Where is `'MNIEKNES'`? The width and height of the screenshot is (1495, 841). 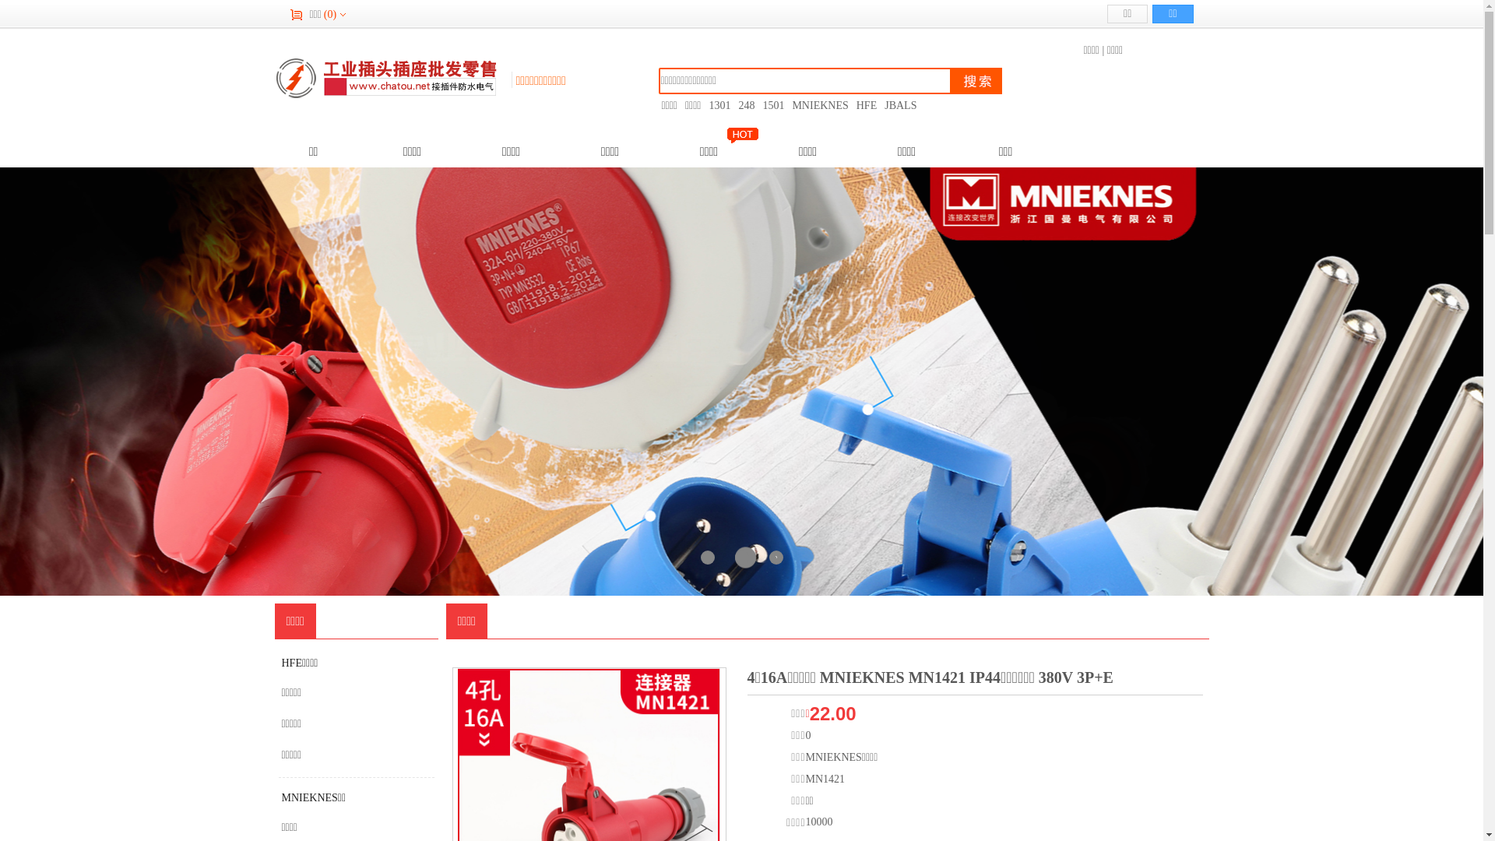 'MNIEKNES' is located at coordinates (818, 105).